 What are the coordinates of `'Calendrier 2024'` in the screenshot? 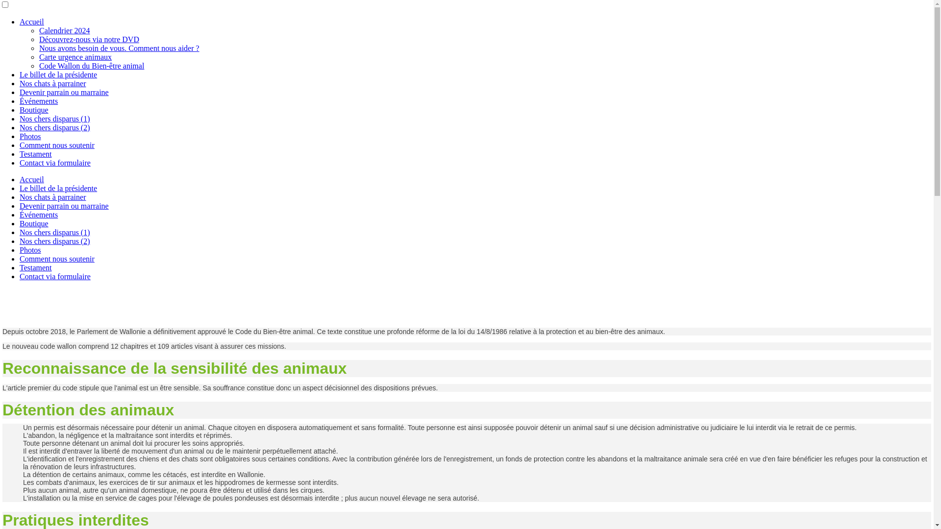 It's located at (64, 30).